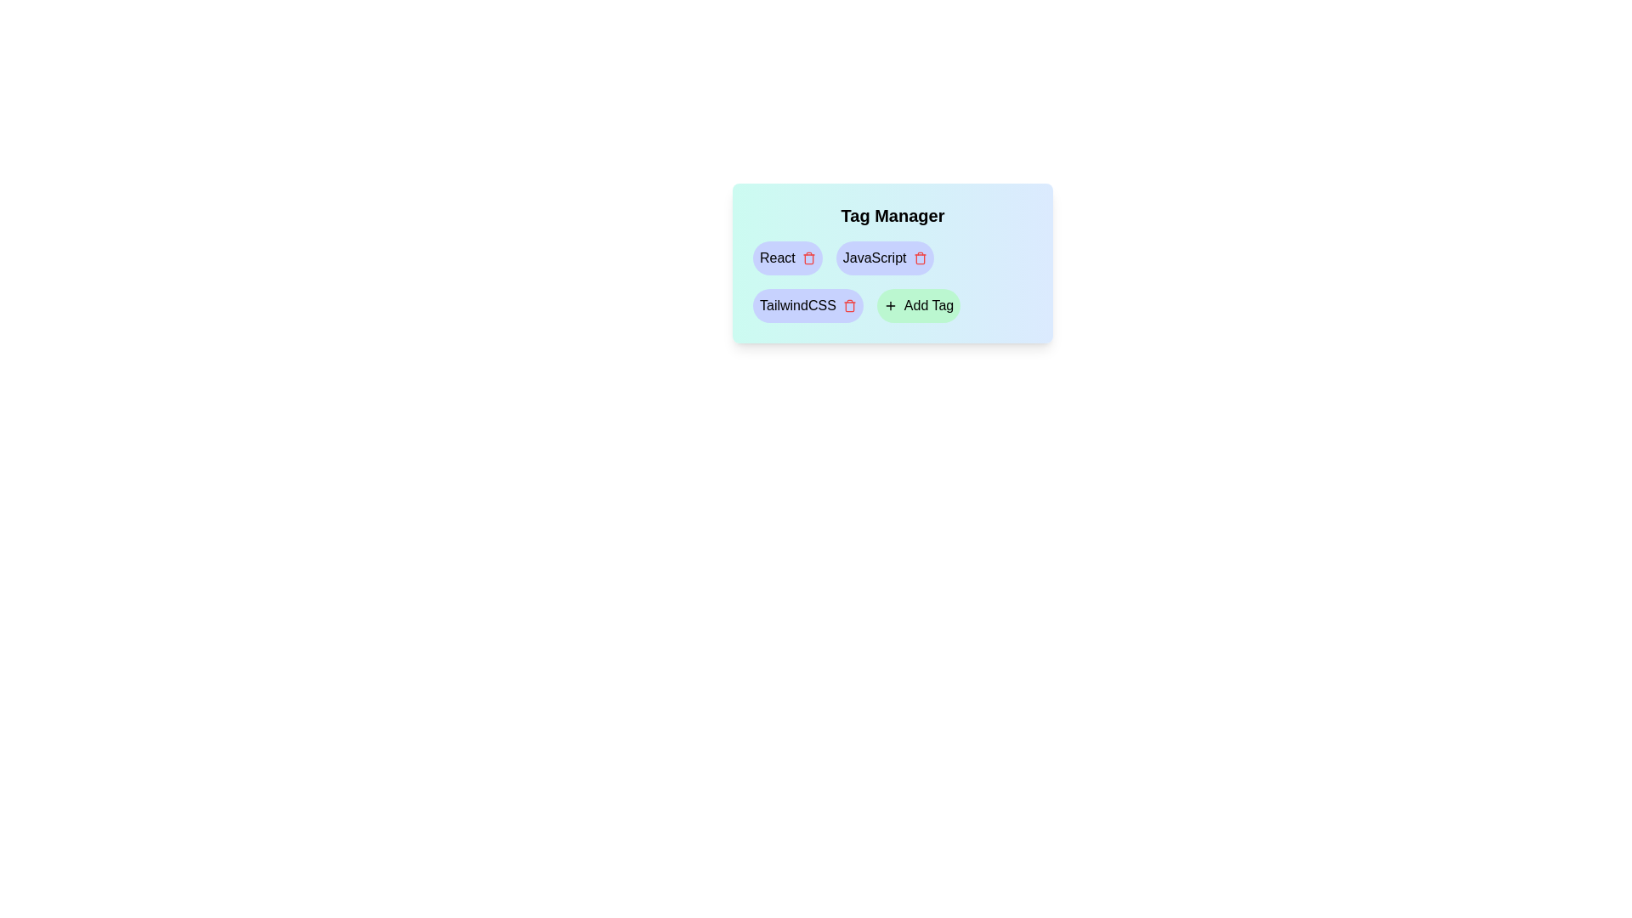 Image resolution: width=1632 pixels, height=918 pixels. Describe the element at coordinates (917, 304) in the screenshot. I see `the 'Add Tag' button to add a new tag` at that location.